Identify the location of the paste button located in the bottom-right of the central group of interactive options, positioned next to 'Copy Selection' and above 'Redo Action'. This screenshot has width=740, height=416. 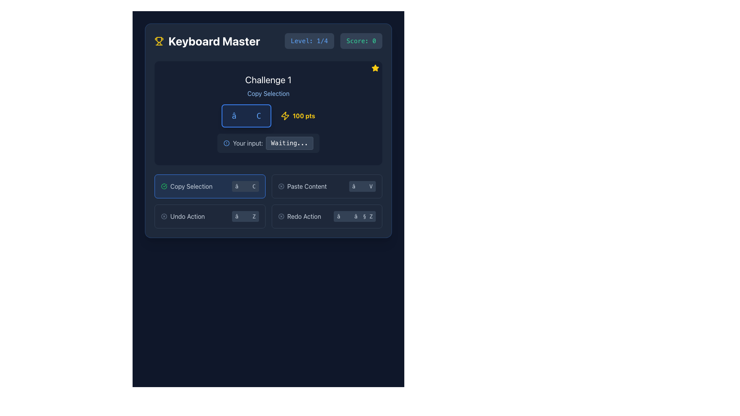
(327, 186).